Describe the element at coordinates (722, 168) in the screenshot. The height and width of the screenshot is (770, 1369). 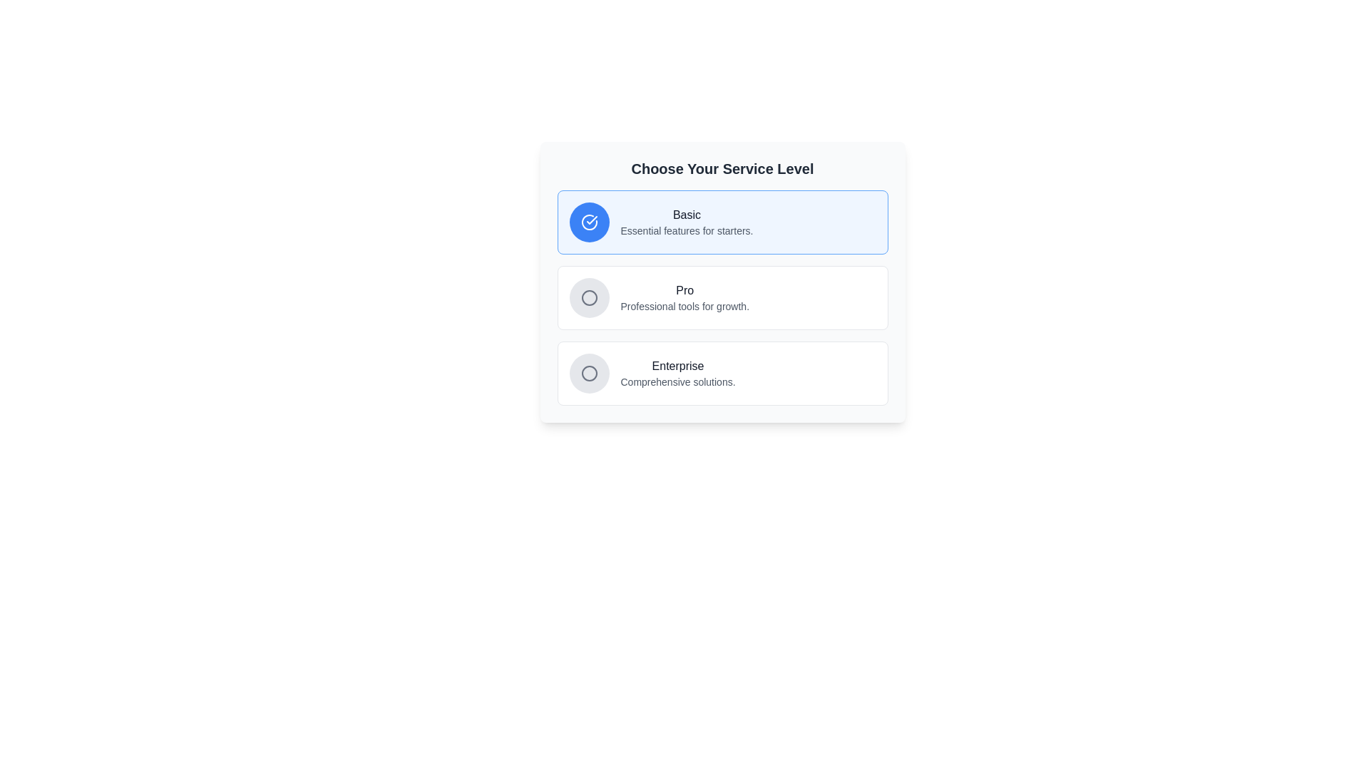
I see `the text element reading 'Choose Your Service Level', which is styled in bold and large font and located at the top-center of a card-like structure` at that location.